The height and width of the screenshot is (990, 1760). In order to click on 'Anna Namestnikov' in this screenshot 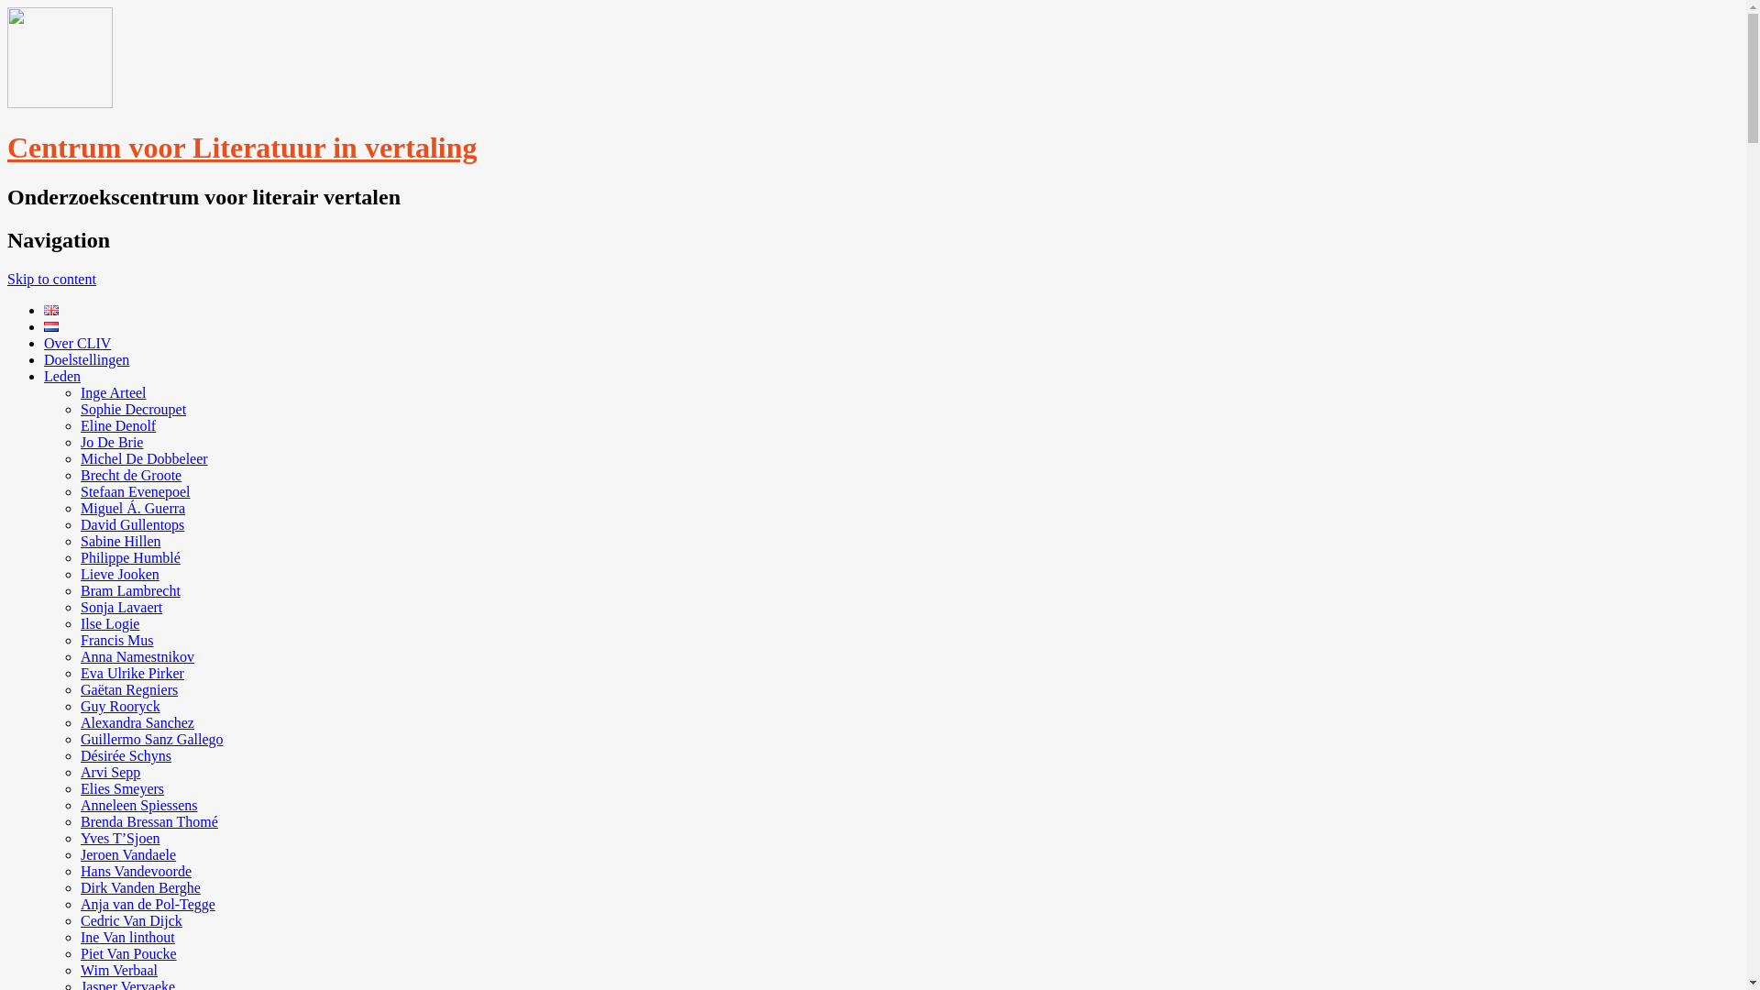, I will do `click(79, 655)`.